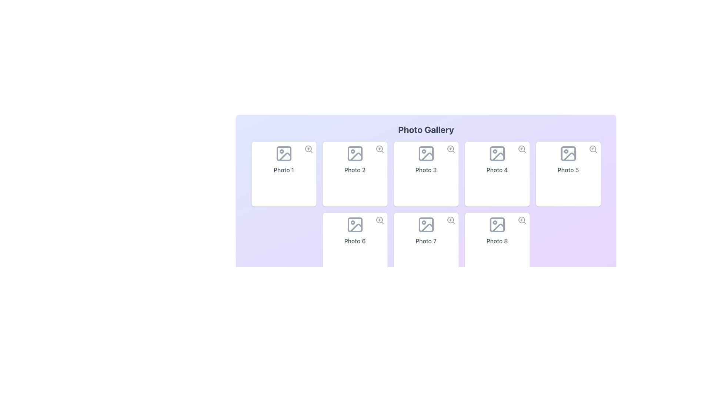 The height and width of the screenshot is (400, 711). I want to click on the icon representing the content preview for the card labeled 'Photo 7', so click(426, 224).